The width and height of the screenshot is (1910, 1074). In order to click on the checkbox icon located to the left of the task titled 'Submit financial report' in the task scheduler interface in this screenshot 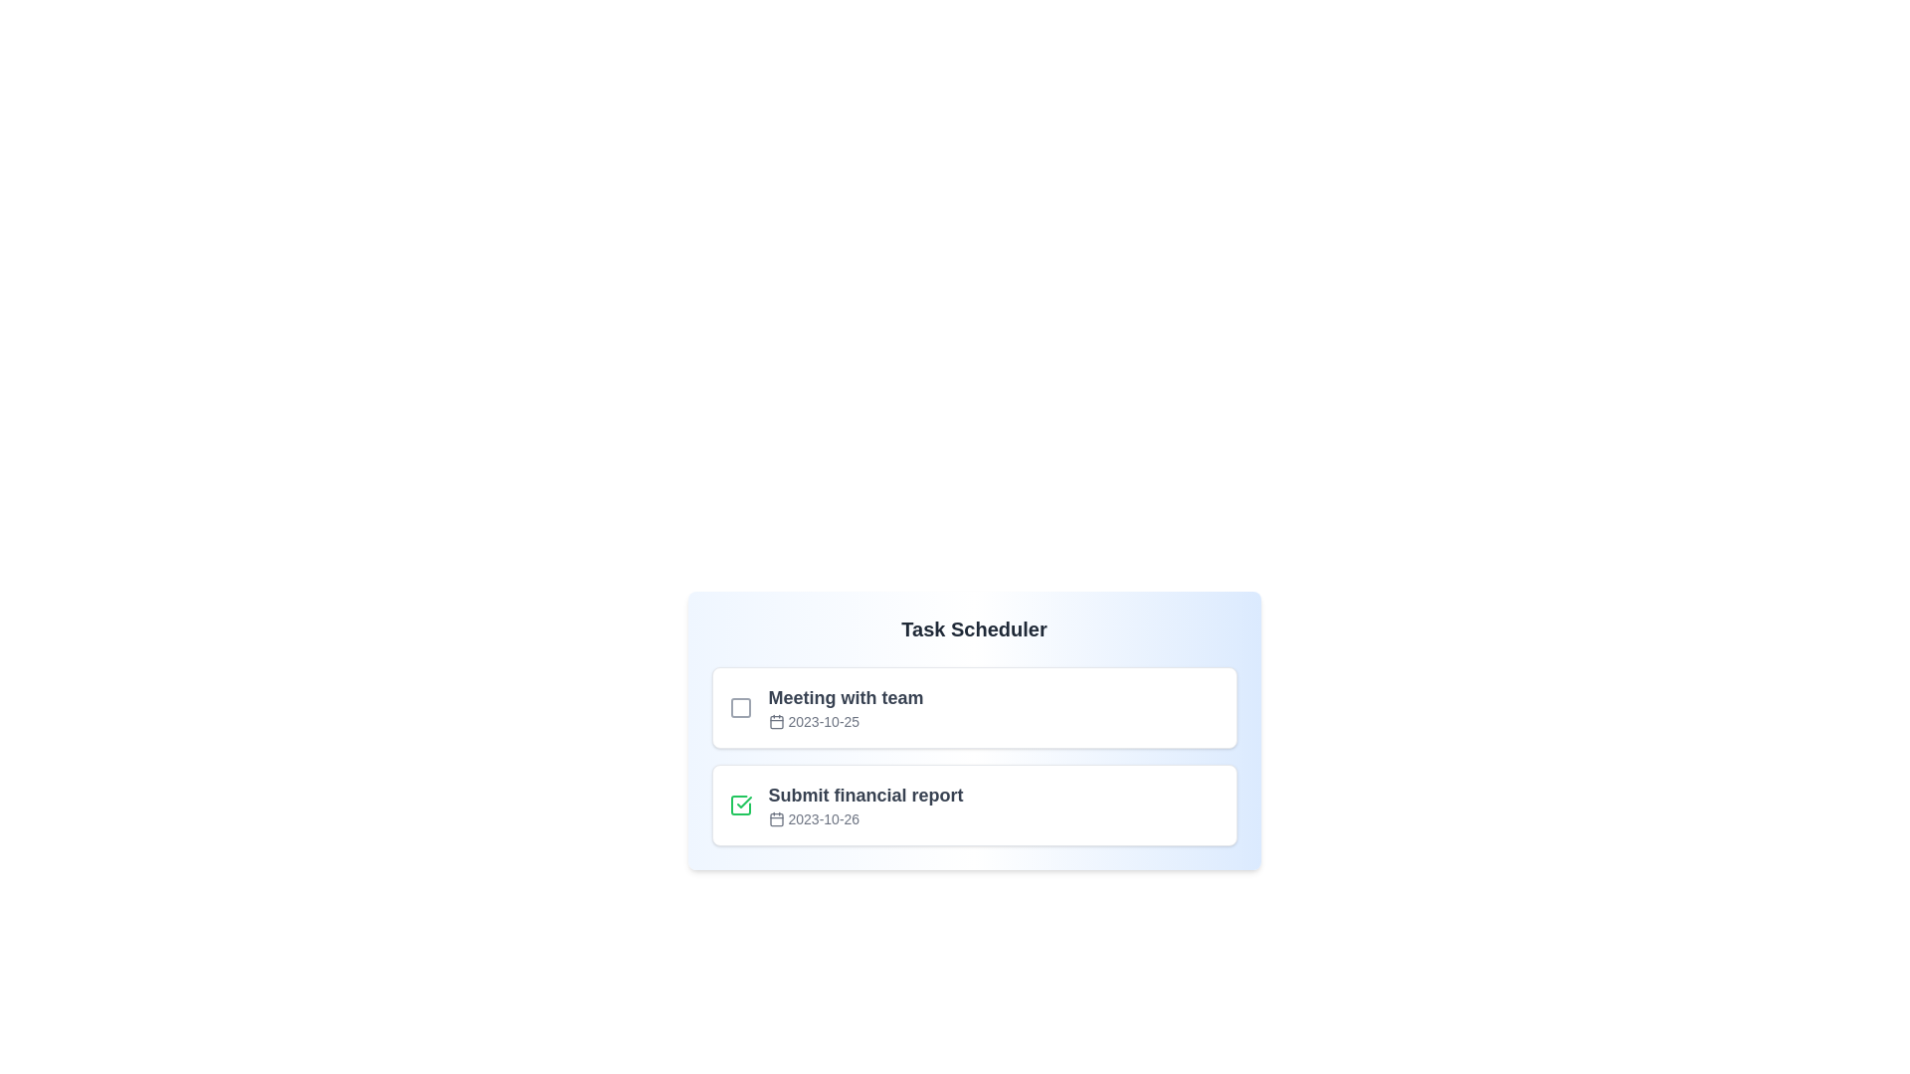, I will do `click(739, 805)`.